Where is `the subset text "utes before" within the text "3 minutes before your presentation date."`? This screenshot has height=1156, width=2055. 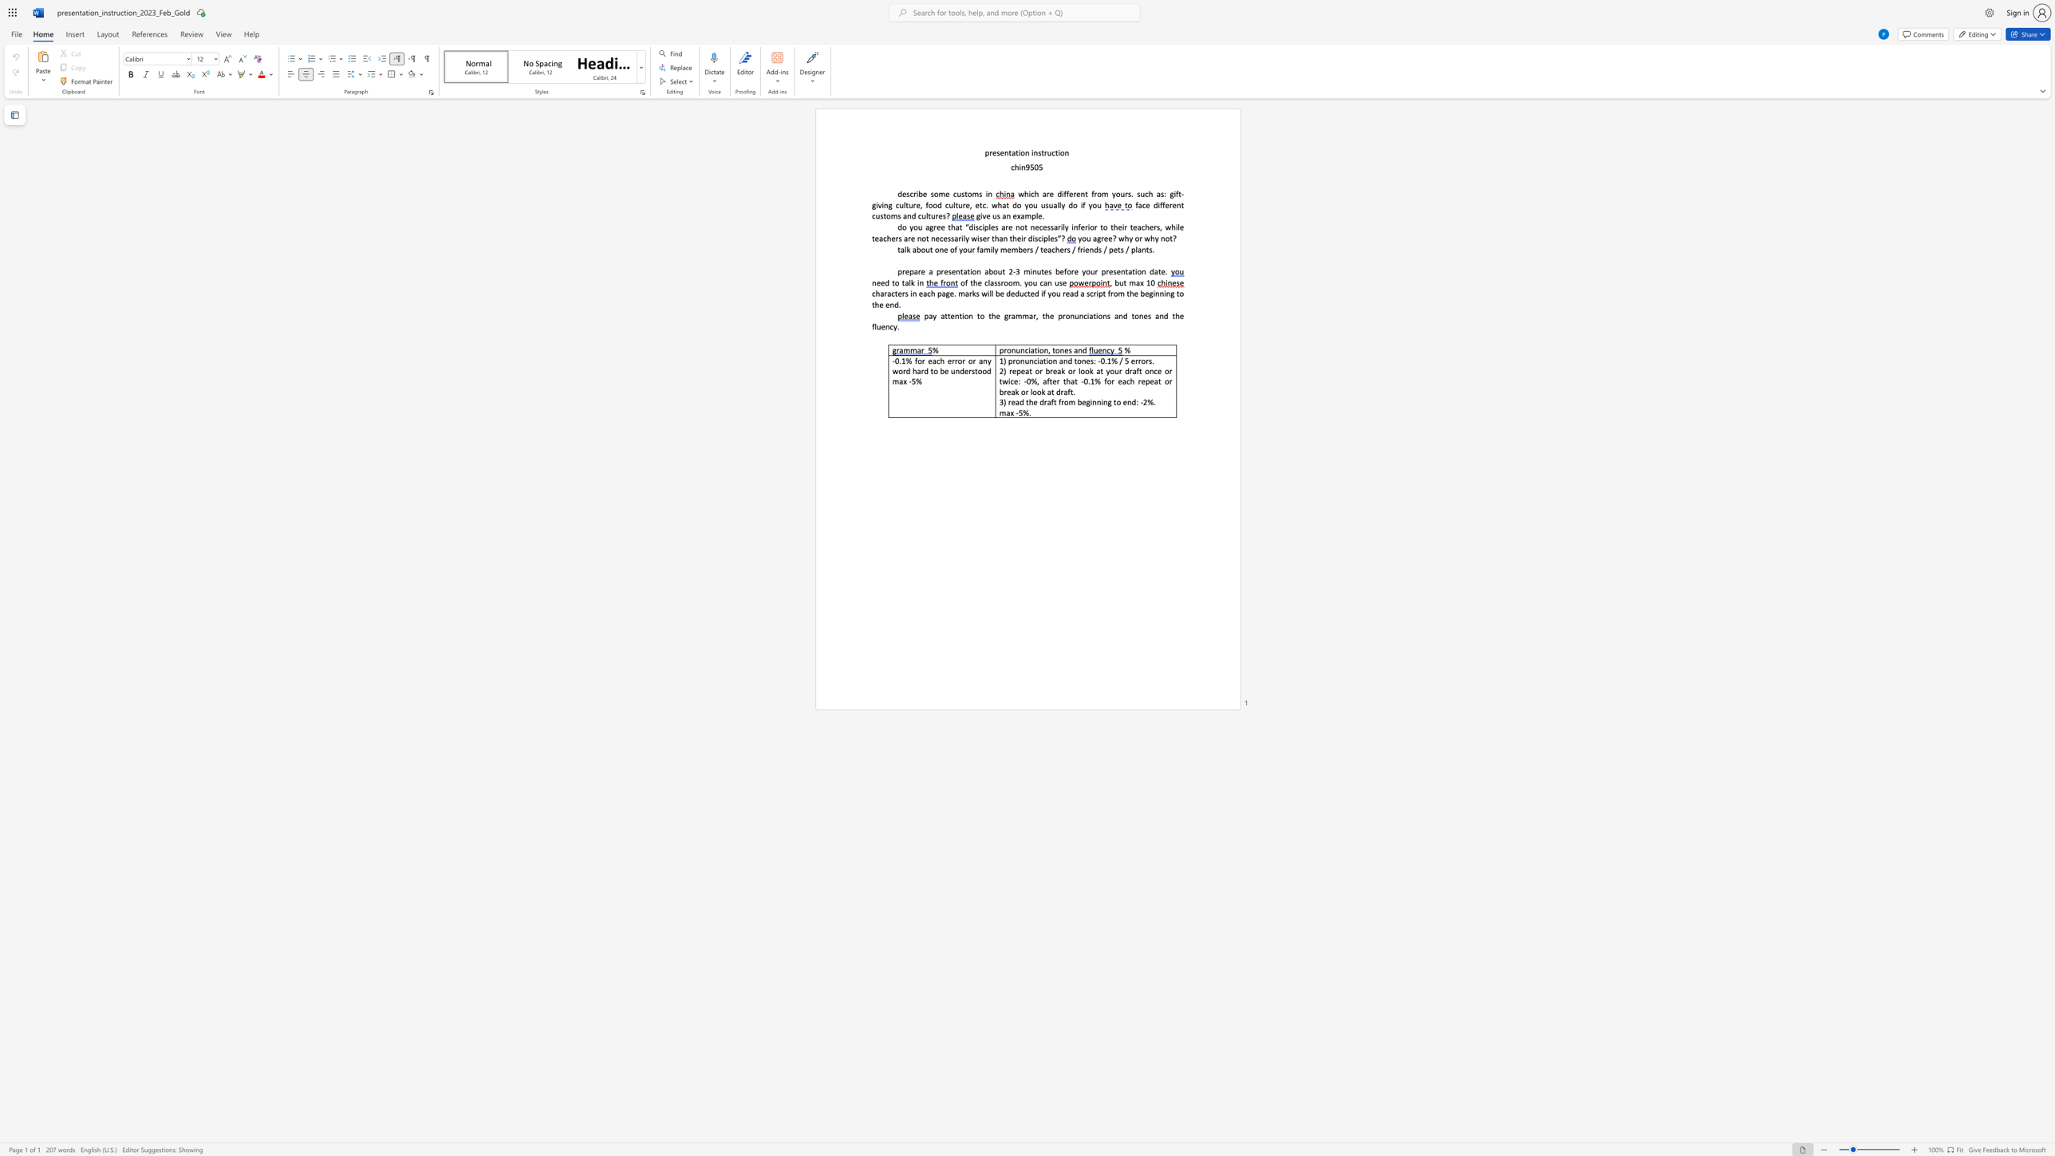
the subset text "utes before" within the text "3 minutes before your presentation date." is located at coordinates (1036, 270).